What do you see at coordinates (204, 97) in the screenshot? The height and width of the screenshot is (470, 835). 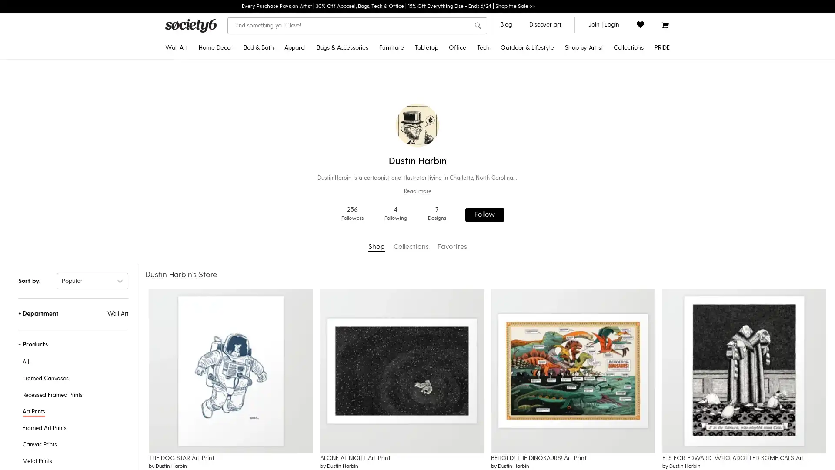 I see `Recessed Framed Prints` at bounding box center [204, 97].